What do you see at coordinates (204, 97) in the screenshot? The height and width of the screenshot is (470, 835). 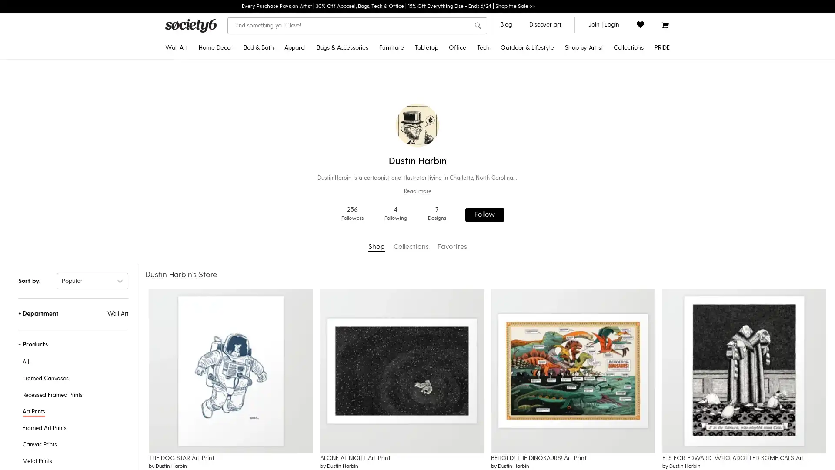 I see `Recessed Framed Prints` at bounding box center [204, 97].